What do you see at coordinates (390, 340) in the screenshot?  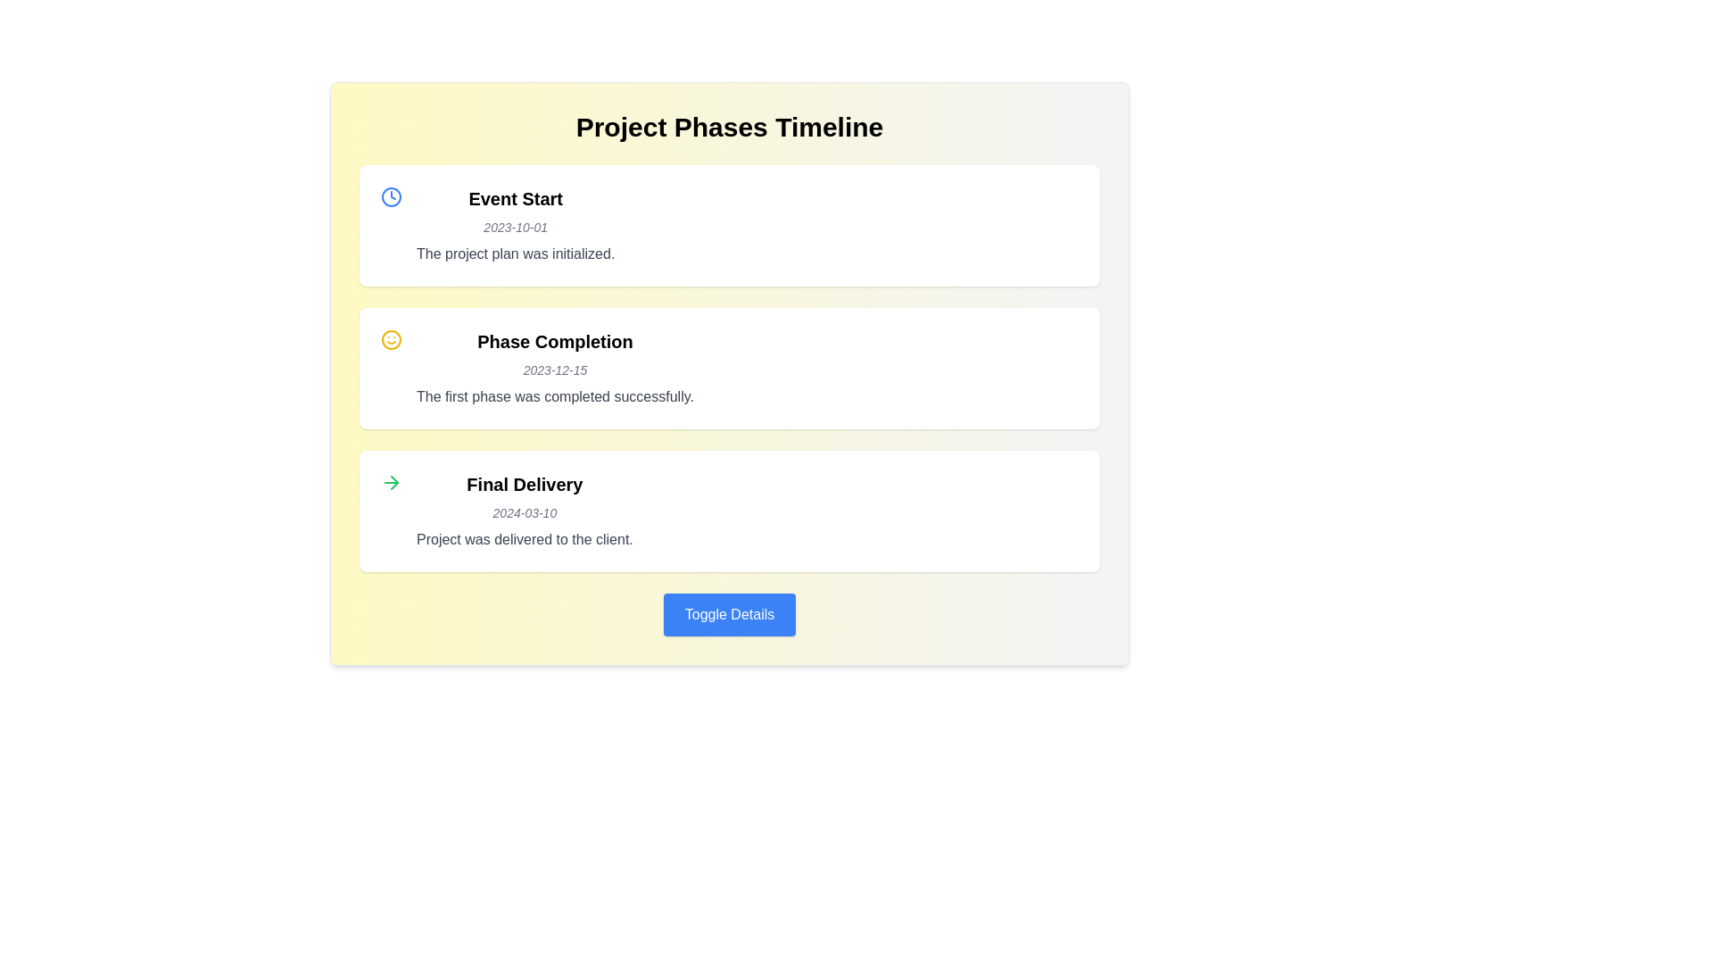 I see `the circular yellow smiling face icon located above the 'Phase Completion' section` at bounding box center [390, 340].